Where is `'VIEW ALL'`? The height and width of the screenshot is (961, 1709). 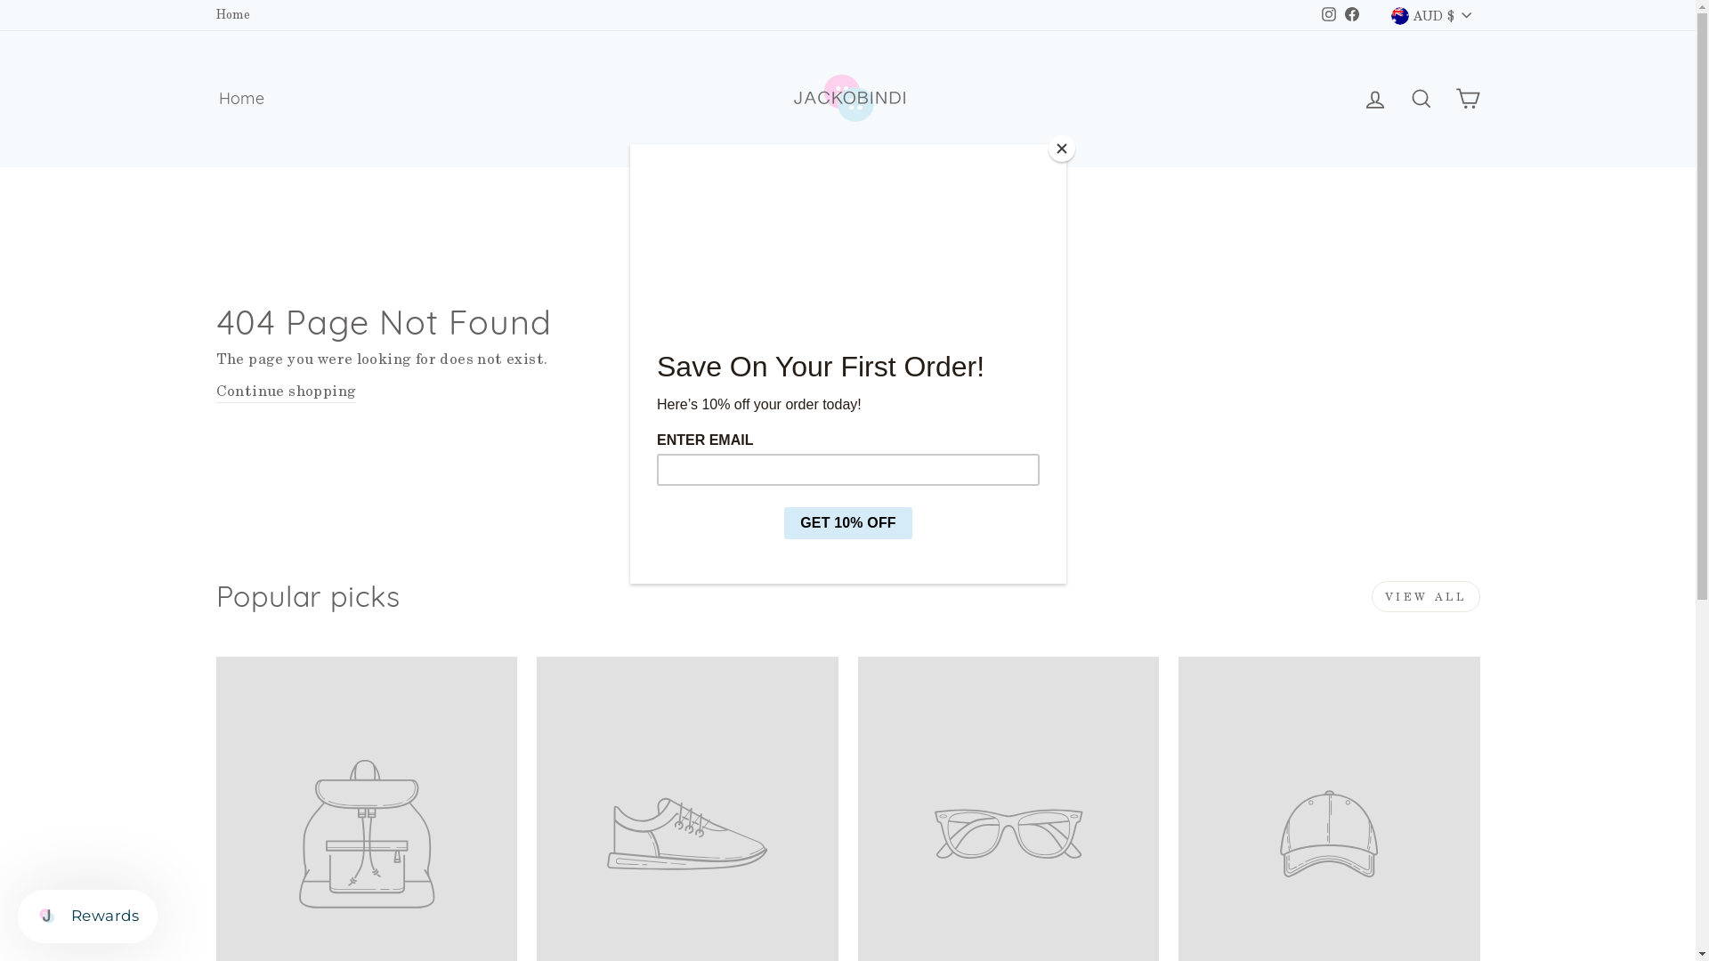
'VIEW ALL' is located at coordinates (1426, 596).